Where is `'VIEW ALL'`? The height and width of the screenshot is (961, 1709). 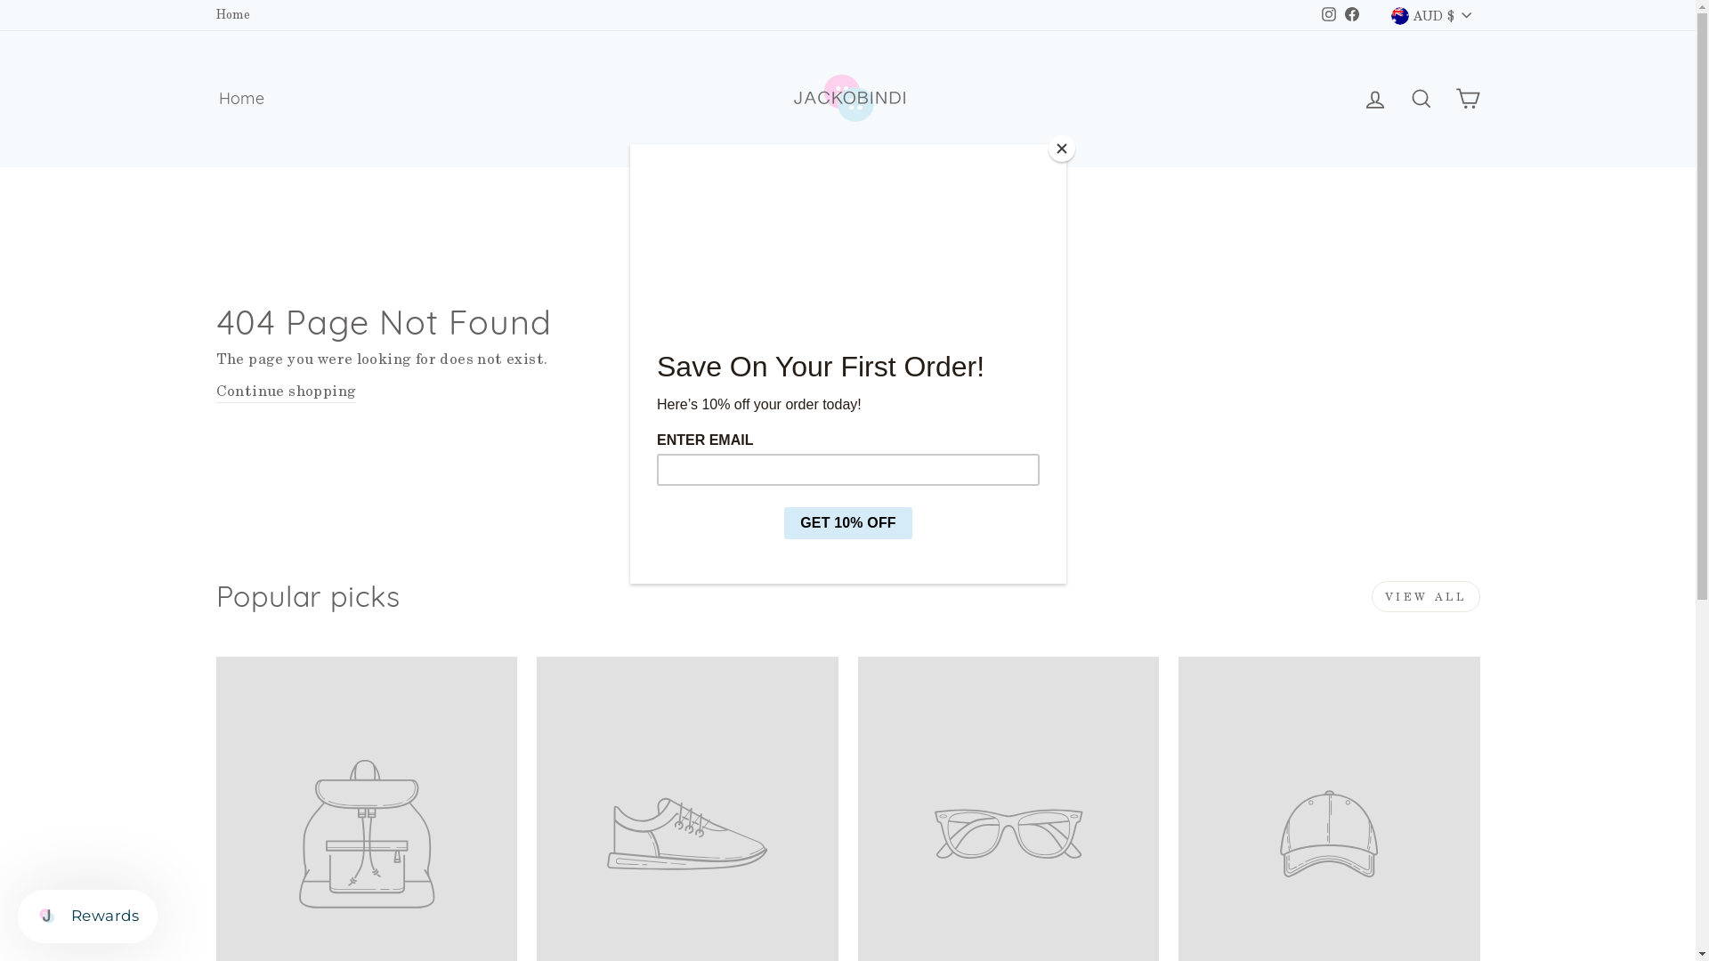
'VIEW ALL' is located at coordinates (1426, 596).